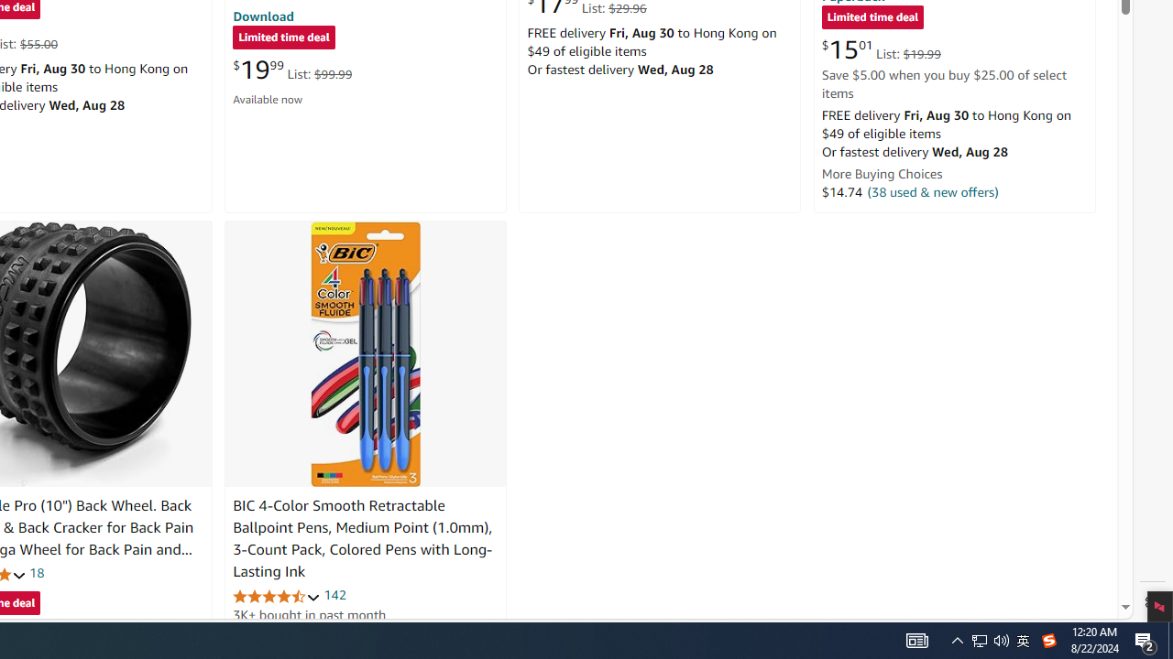 This screenshot has width=1173, height=659. I want to click on '142', so click(334, 595).